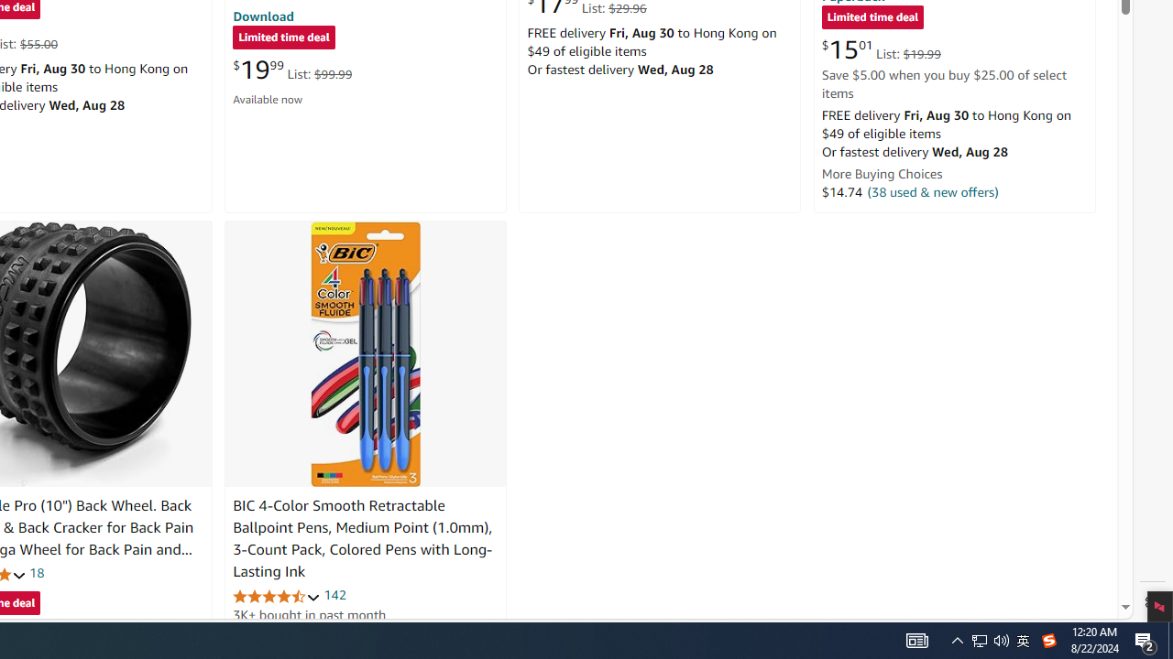 This screenshot has width=1173, height=659. I want to click on '142', so click(334, 595).